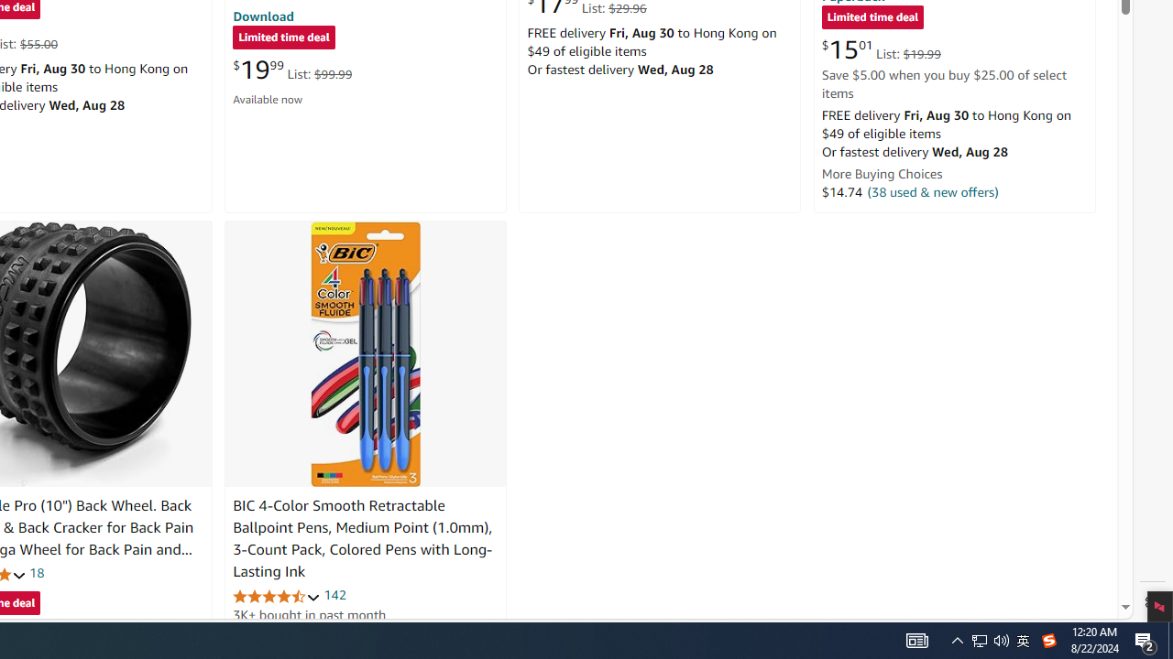 This screenshot has width=1173, height=659. I want to click on '142', so click(334, 595).